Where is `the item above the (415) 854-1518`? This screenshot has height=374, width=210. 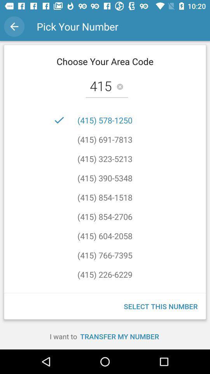 the item above the (415) 854-1518 is located at coordinates (105, 178).